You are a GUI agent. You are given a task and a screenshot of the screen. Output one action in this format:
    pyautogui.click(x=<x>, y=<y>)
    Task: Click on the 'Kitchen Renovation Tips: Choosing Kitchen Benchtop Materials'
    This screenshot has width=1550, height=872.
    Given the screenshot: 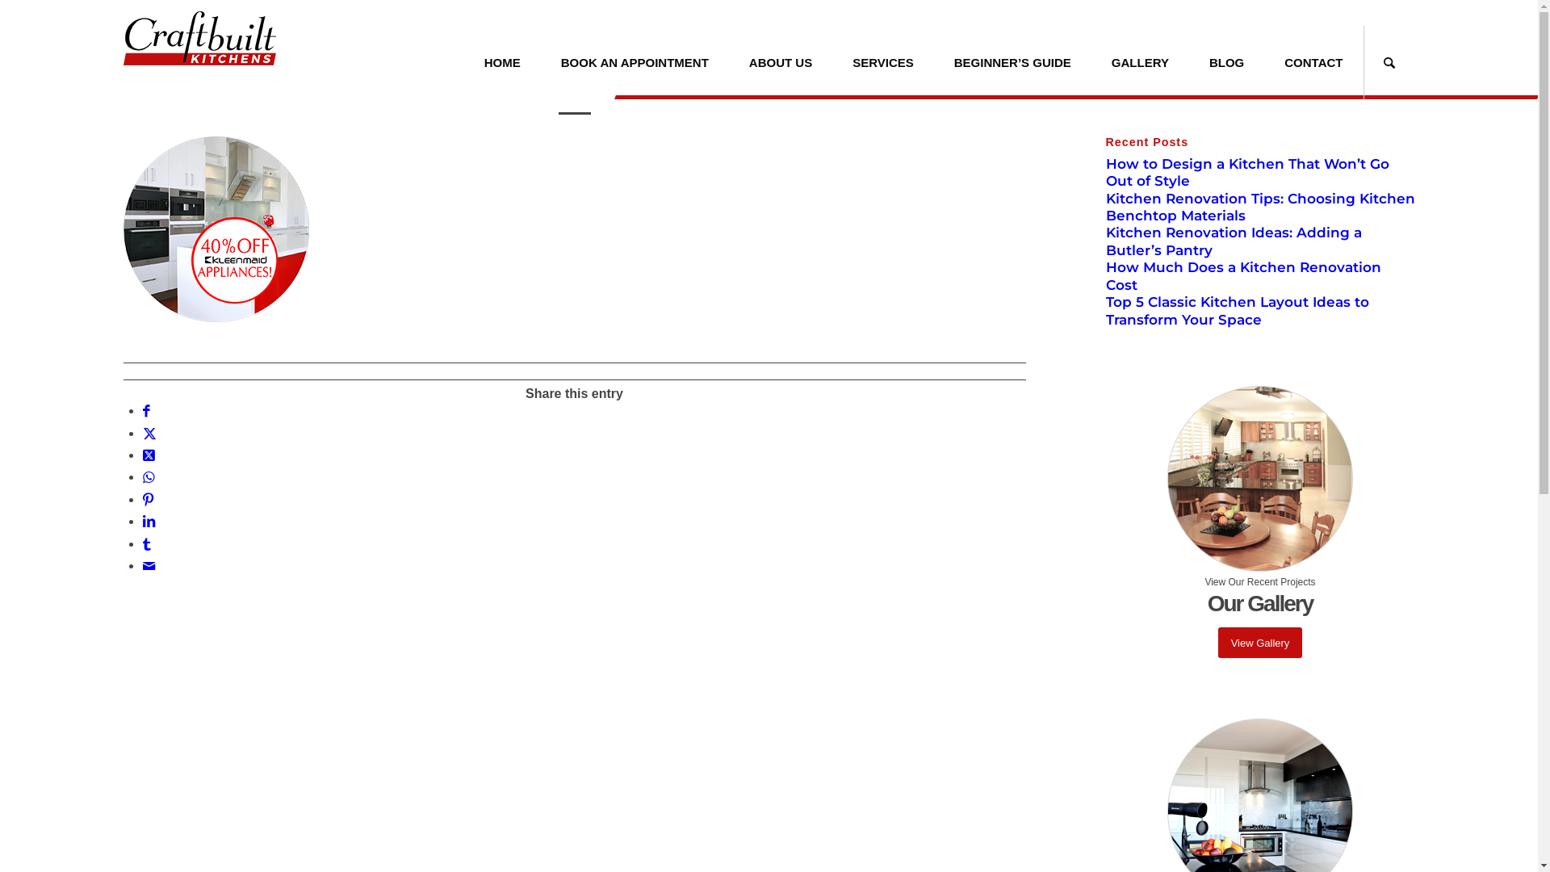 What is the action you would take?
    pyautogui.click(x=1259, y=206)
    